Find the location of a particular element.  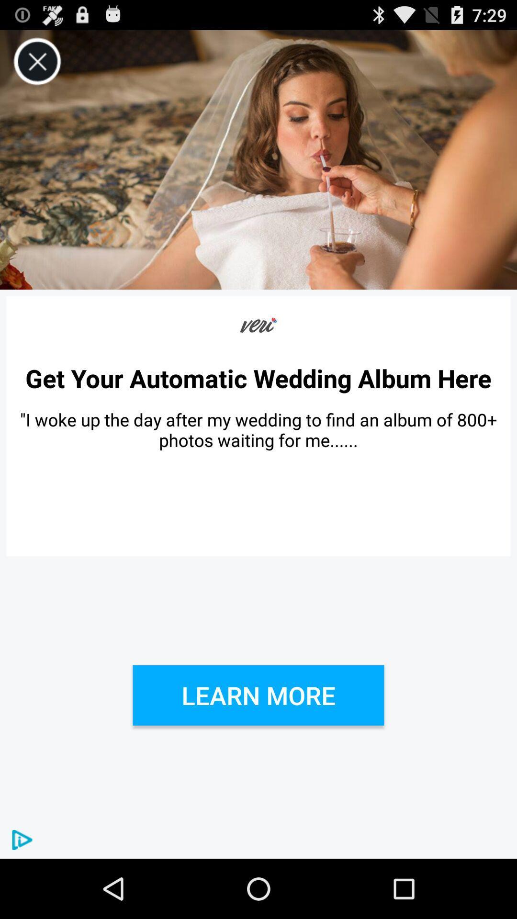

learn more is located at coordinates (258, 695).